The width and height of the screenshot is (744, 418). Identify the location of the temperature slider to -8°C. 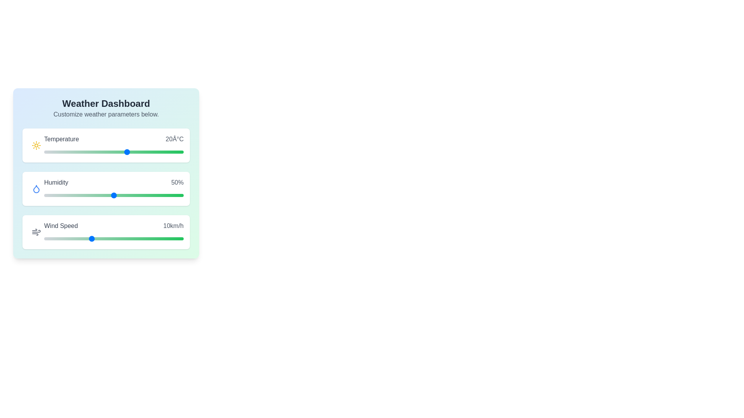
(49, 152).